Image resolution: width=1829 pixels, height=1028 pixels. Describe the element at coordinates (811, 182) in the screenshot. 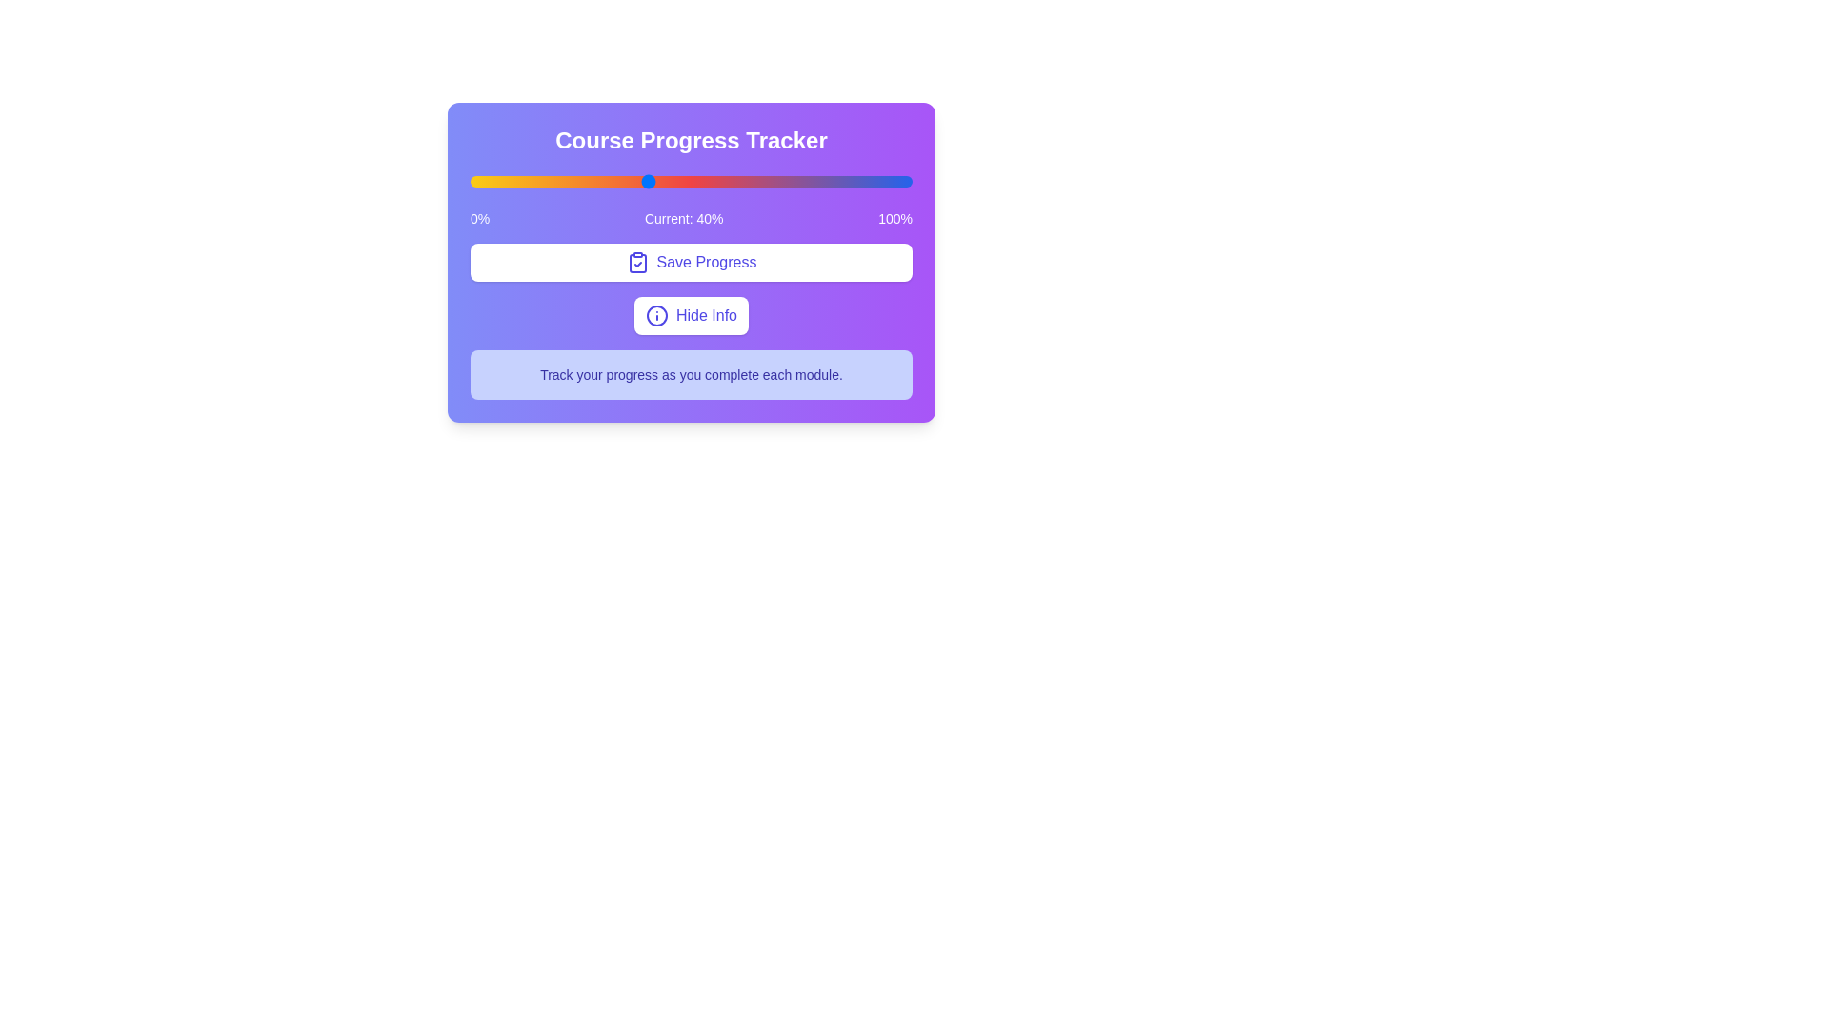

I see `progress percentage` at that location.